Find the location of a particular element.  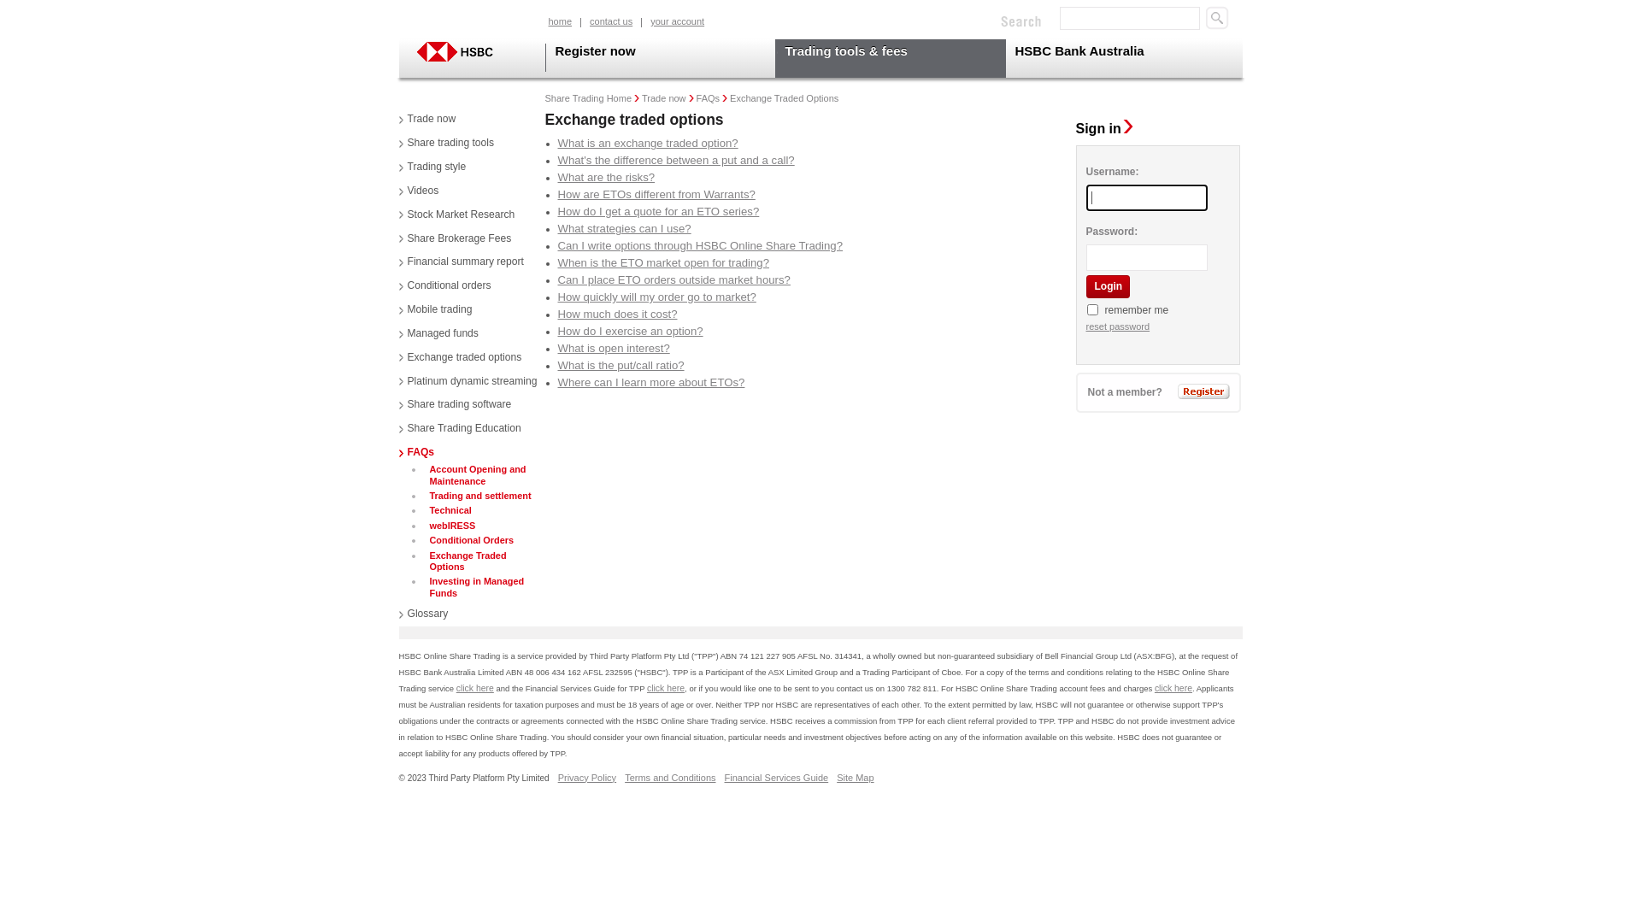

'HSBC Bank Australia' is located at coordinates (1117, 57).